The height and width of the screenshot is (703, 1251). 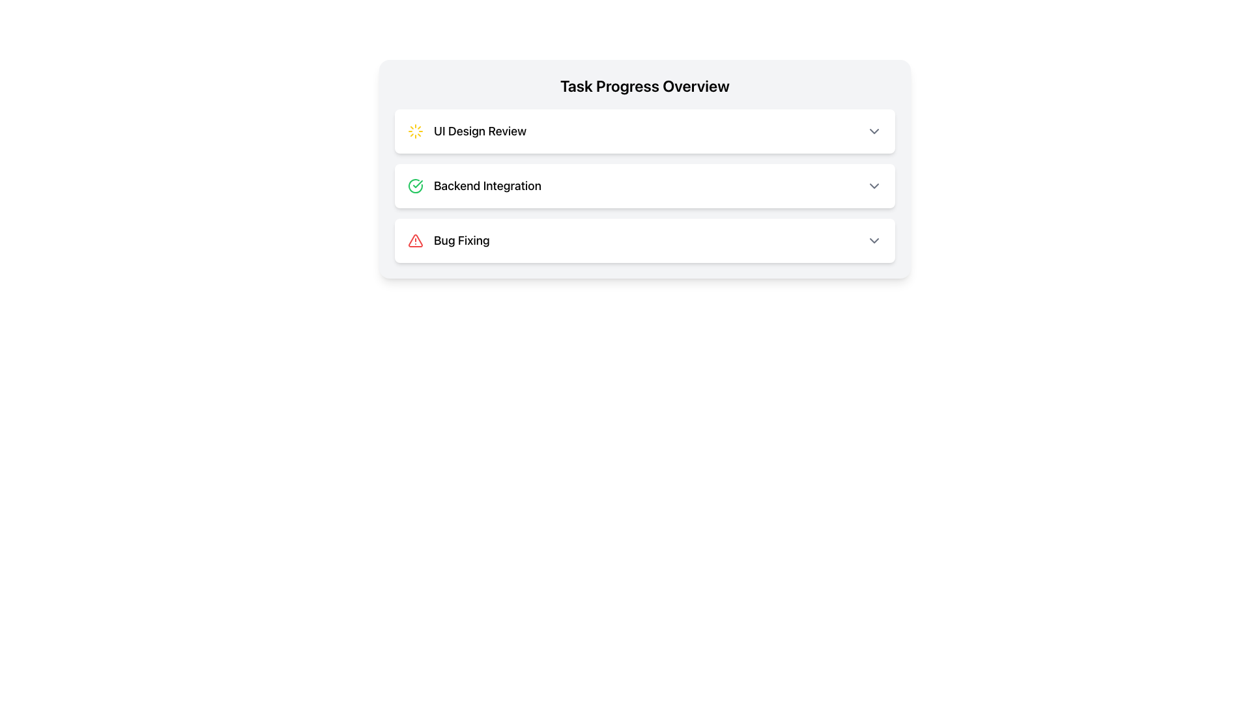 What do you see at coordinates (474, 186) in the screenshot?
I see `element that consists of a green check mark icon and the text label 'Backend Integration', located in the task list under the 'Task Progress Overview' section` at bounding box center [474, 186].